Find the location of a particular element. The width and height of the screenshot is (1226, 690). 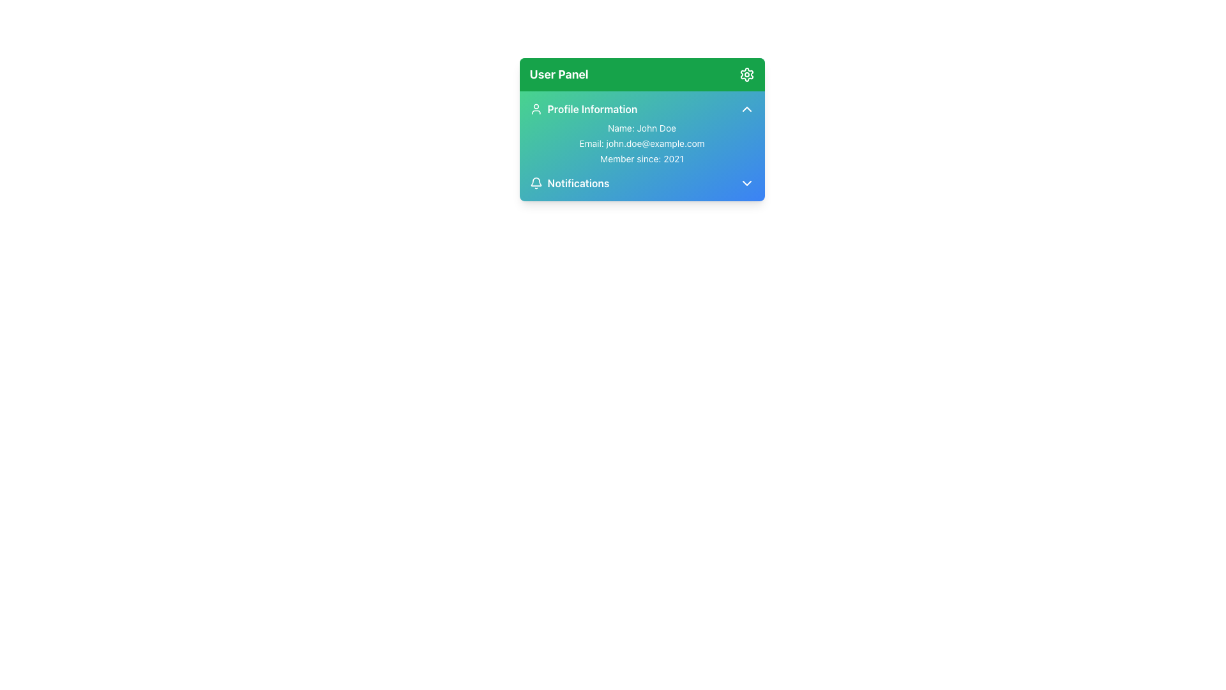

the 'Profile Information' label located at the top left of the 'User Panel' card component is located at coordinates (582, 108).